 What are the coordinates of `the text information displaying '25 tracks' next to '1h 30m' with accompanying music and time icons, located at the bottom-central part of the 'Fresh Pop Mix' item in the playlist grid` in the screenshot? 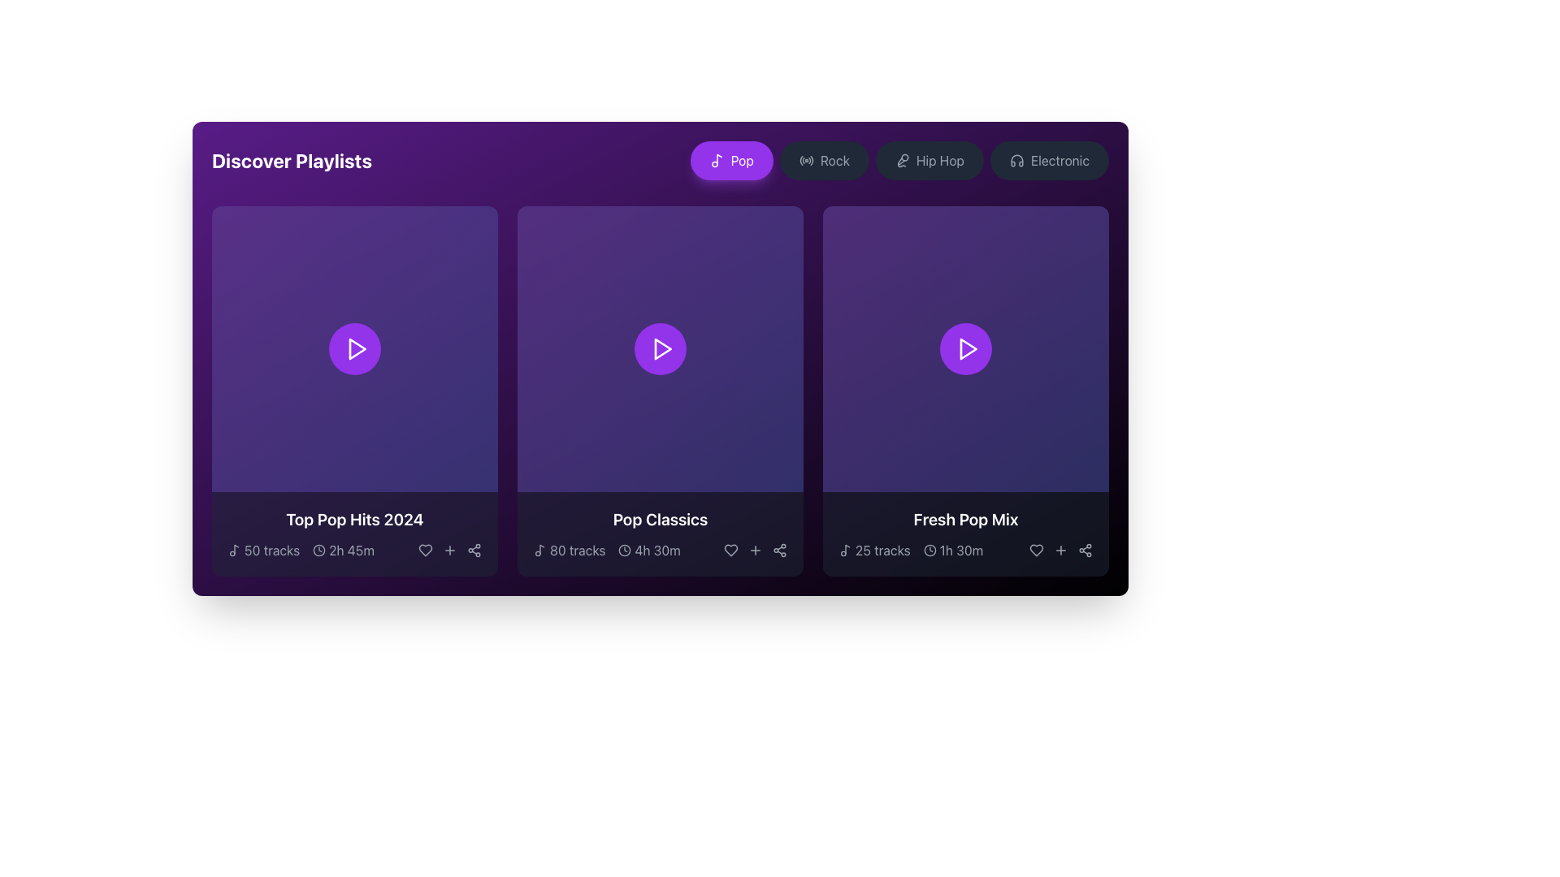 It's located at (966, 550).